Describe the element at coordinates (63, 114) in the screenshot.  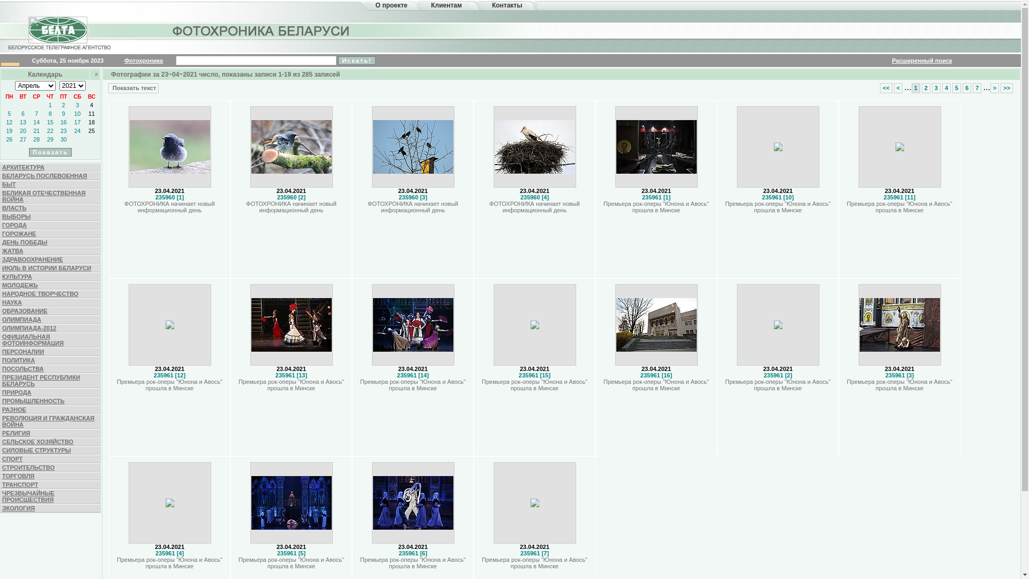
I see `'9'` at that location.